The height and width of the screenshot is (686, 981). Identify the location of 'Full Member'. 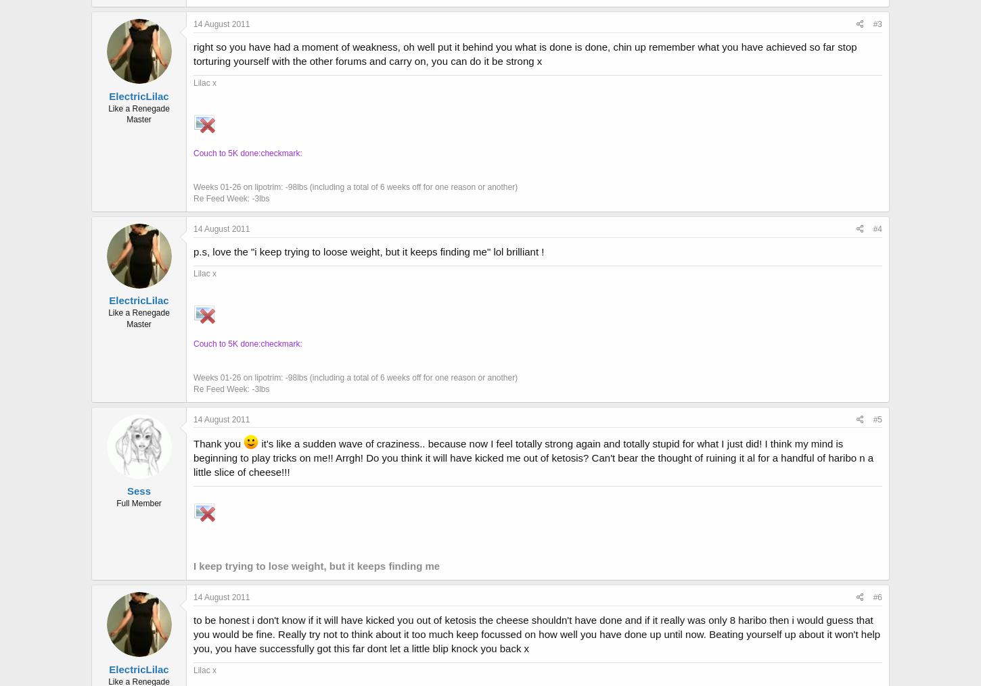
(138, 503).